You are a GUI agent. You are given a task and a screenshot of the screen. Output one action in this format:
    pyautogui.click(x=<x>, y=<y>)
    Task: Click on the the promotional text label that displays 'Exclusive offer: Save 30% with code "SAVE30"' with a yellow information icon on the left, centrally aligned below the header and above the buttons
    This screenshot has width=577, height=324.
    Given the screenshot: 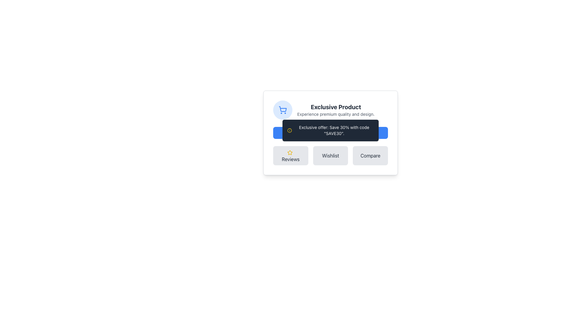 What is the action you would take?
    pyautogui.click(x=330, y=130)
    